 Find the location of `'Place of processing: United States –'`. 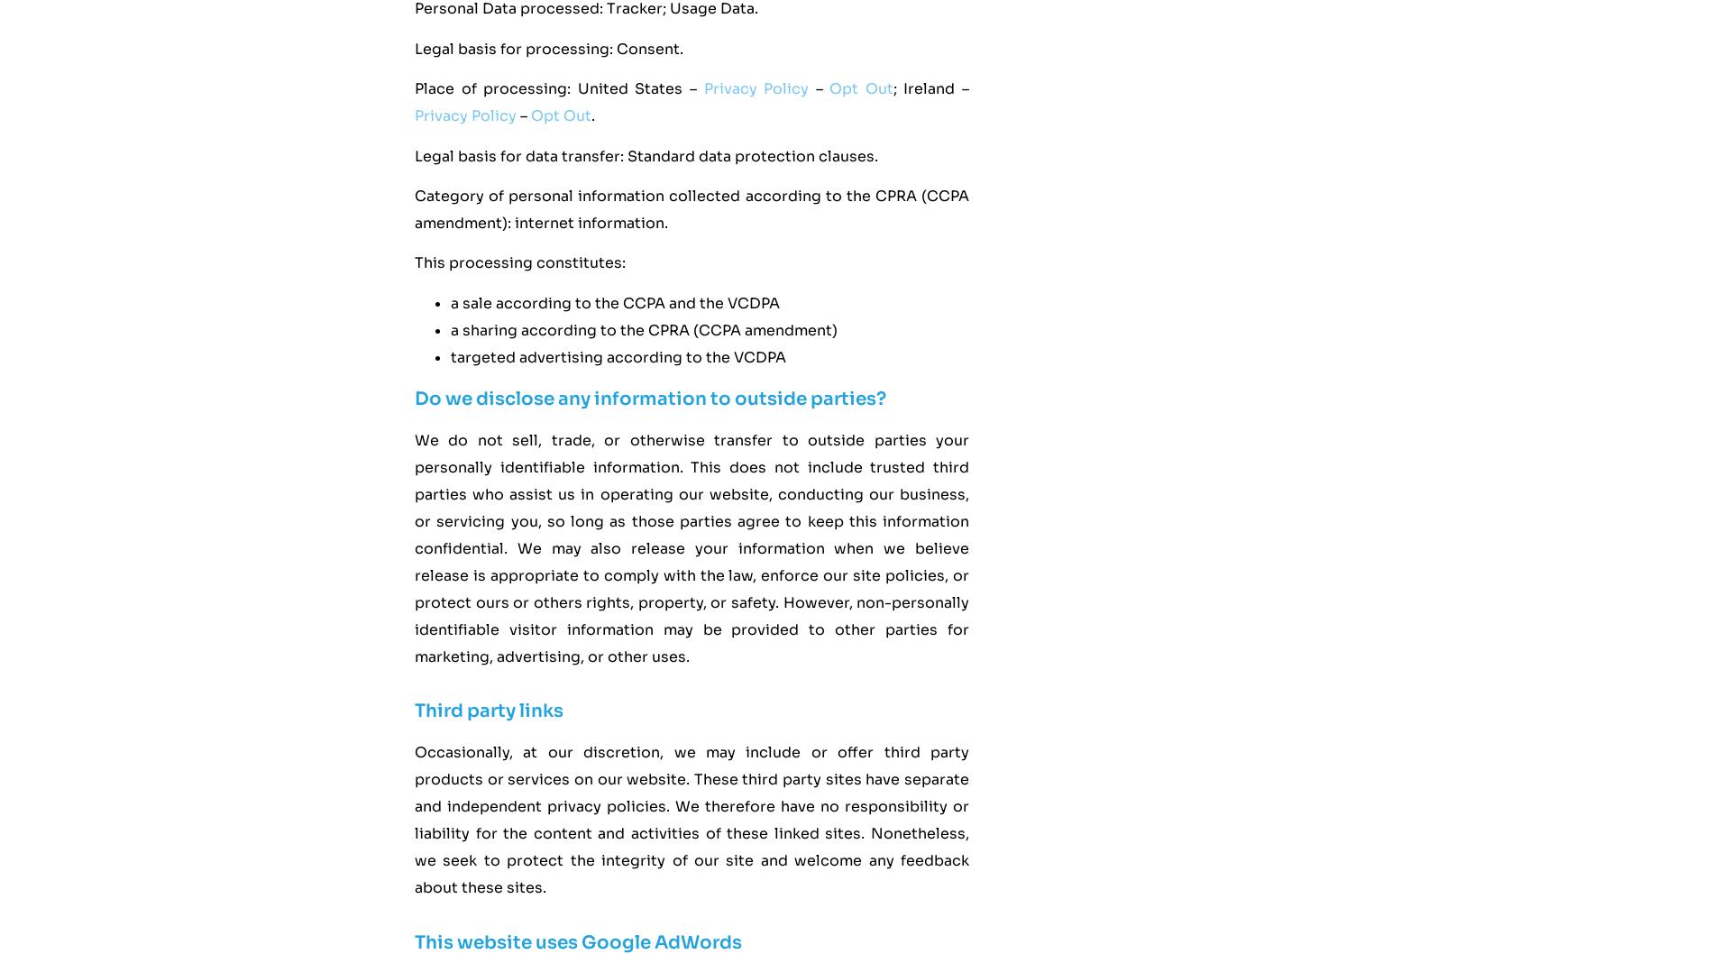

'Place of processing: United States –' is located at coordinates (413, 87).